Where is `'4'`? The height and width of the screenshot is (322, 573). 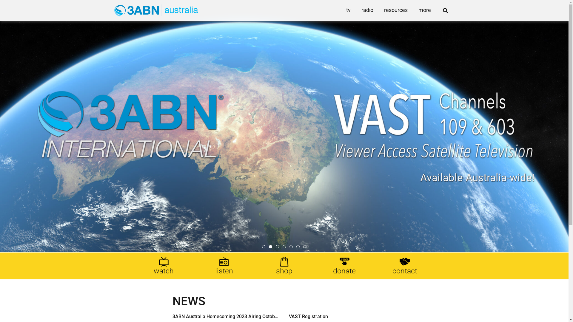 '4' is located at coordinates (284, 247).